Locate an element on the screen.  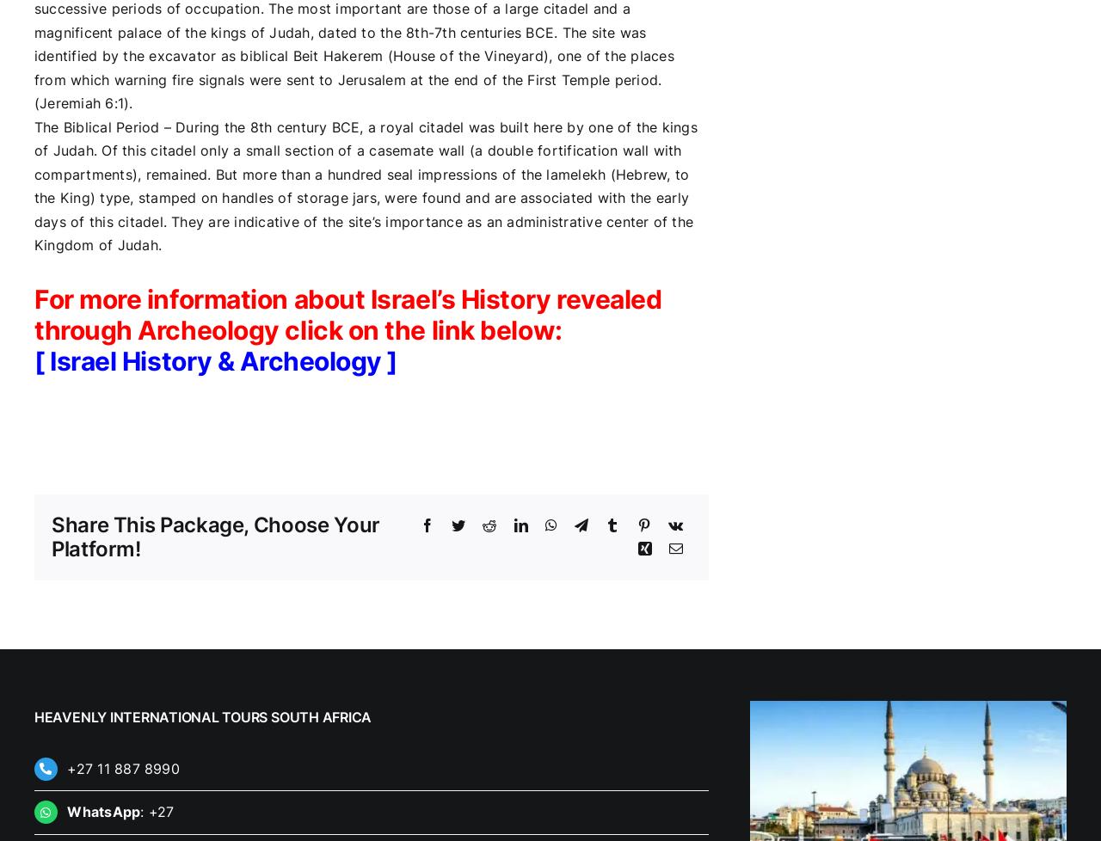
'+27 11 887 8990' is located at coordinates (121, 767).